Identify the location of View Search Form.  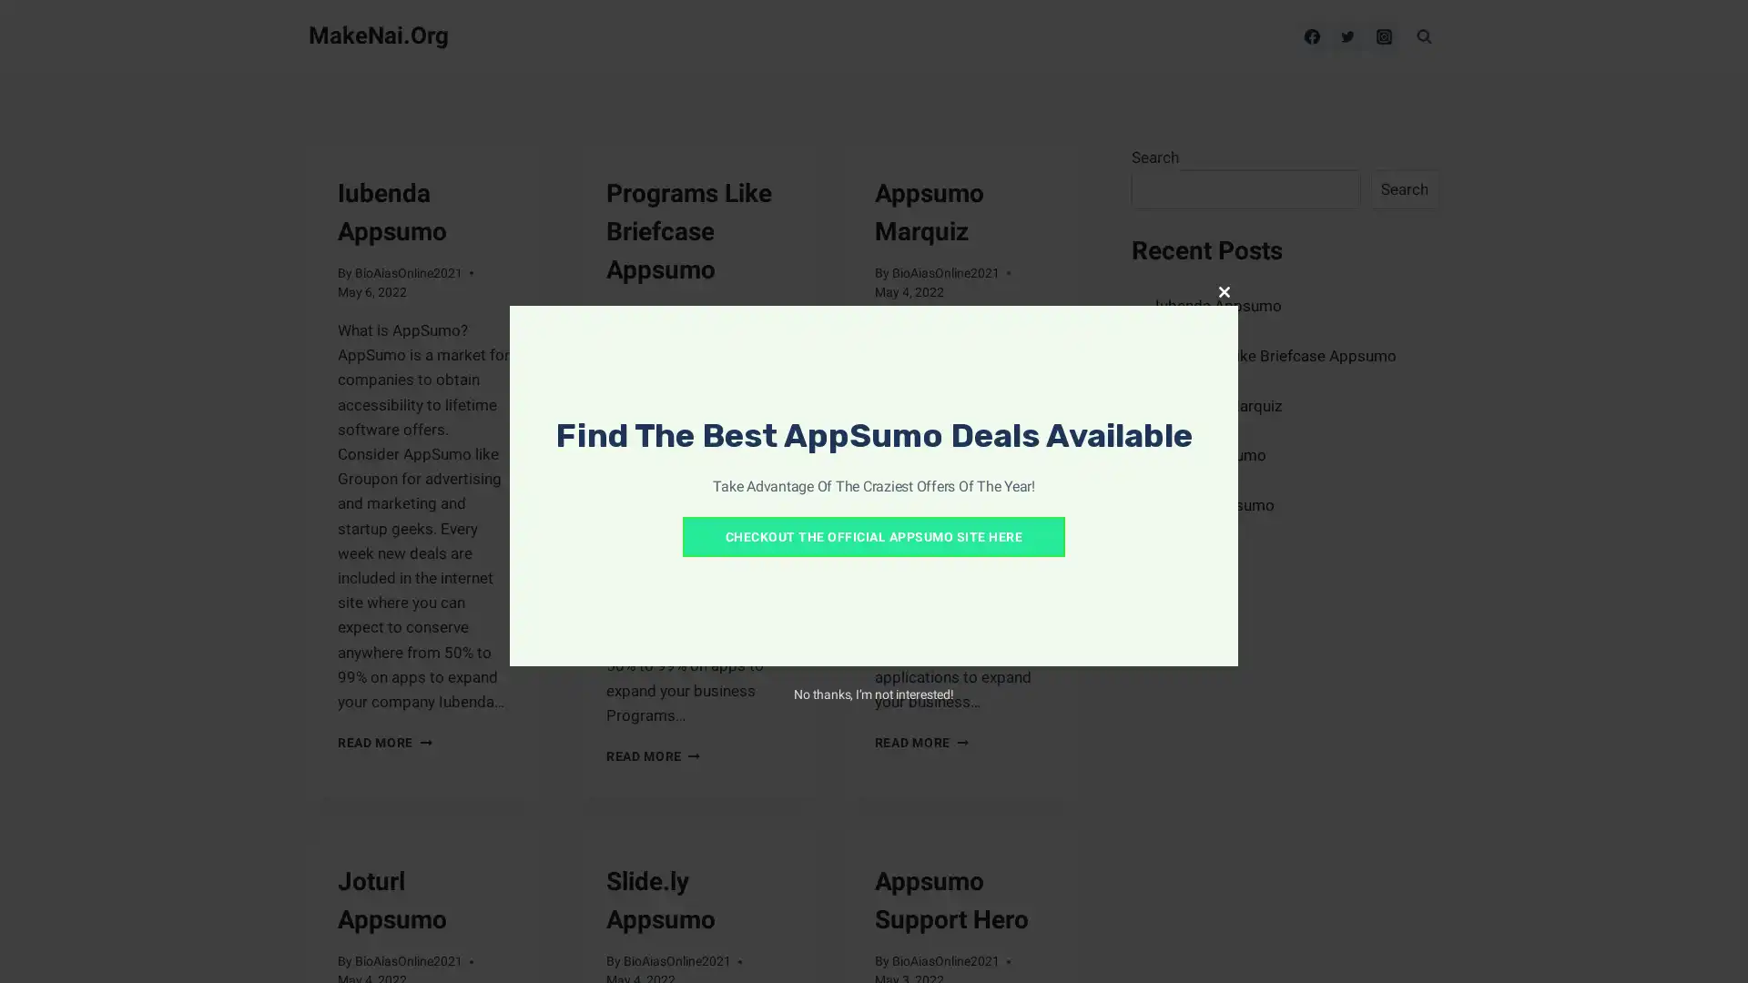
(1423, 35).